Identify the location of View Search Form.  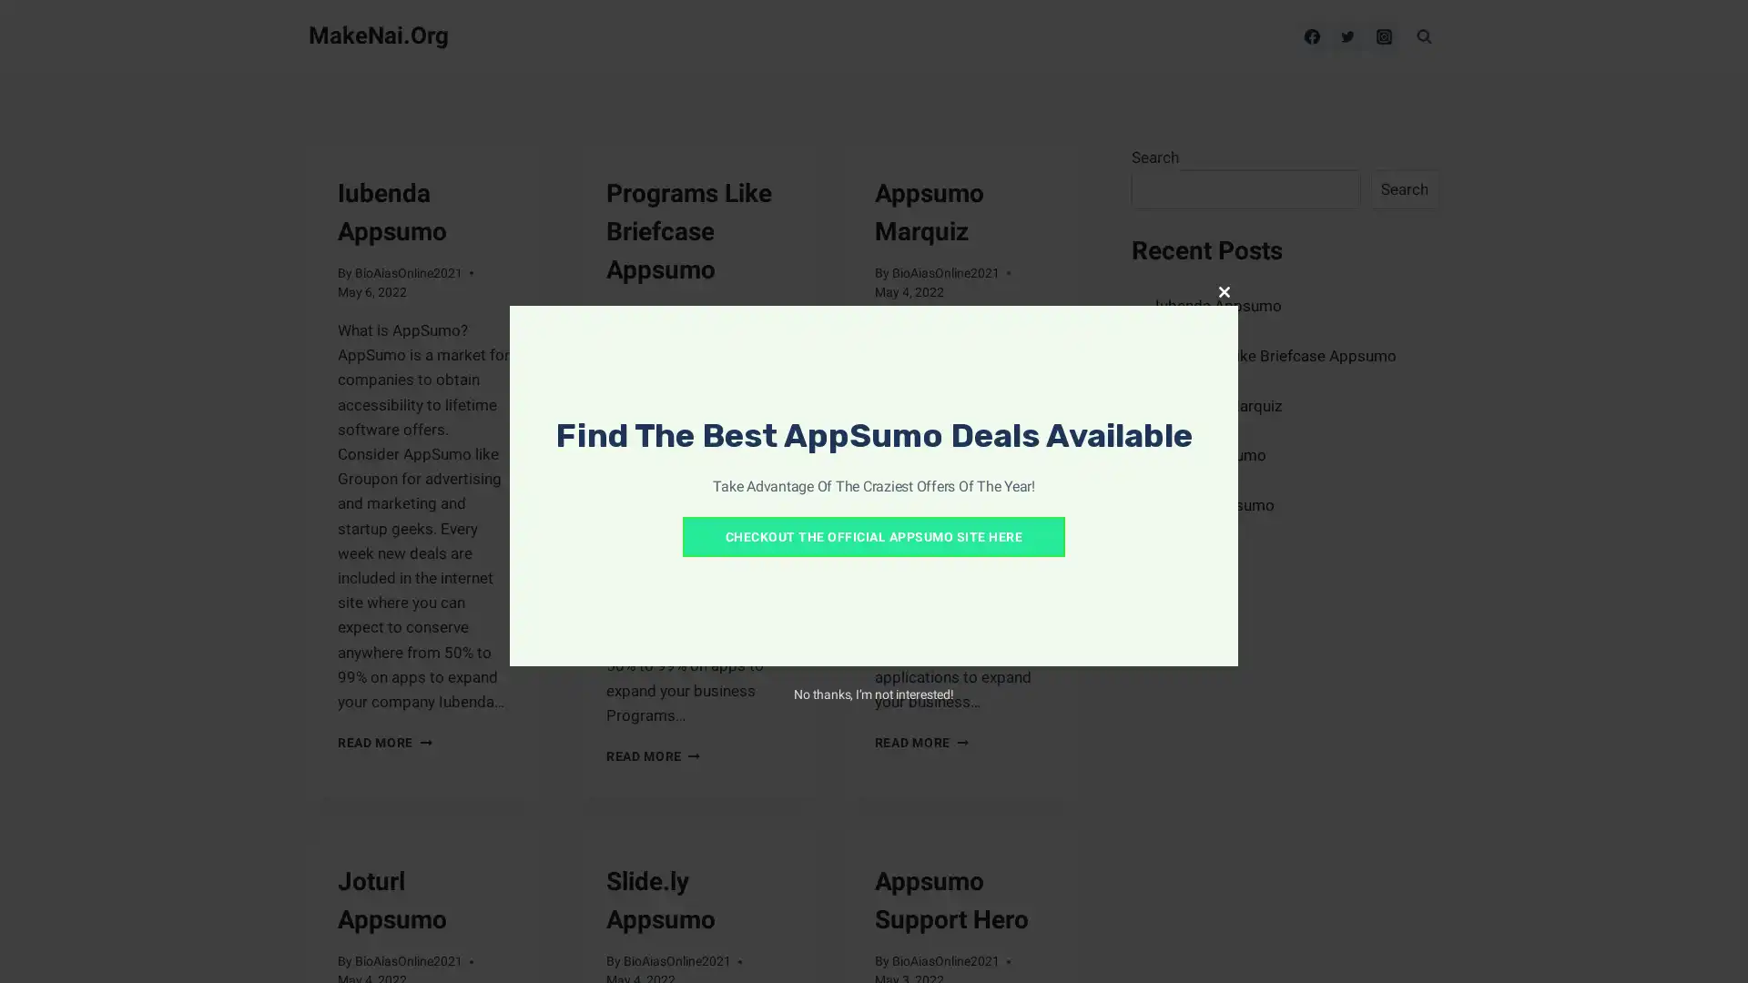
(1423, 35).